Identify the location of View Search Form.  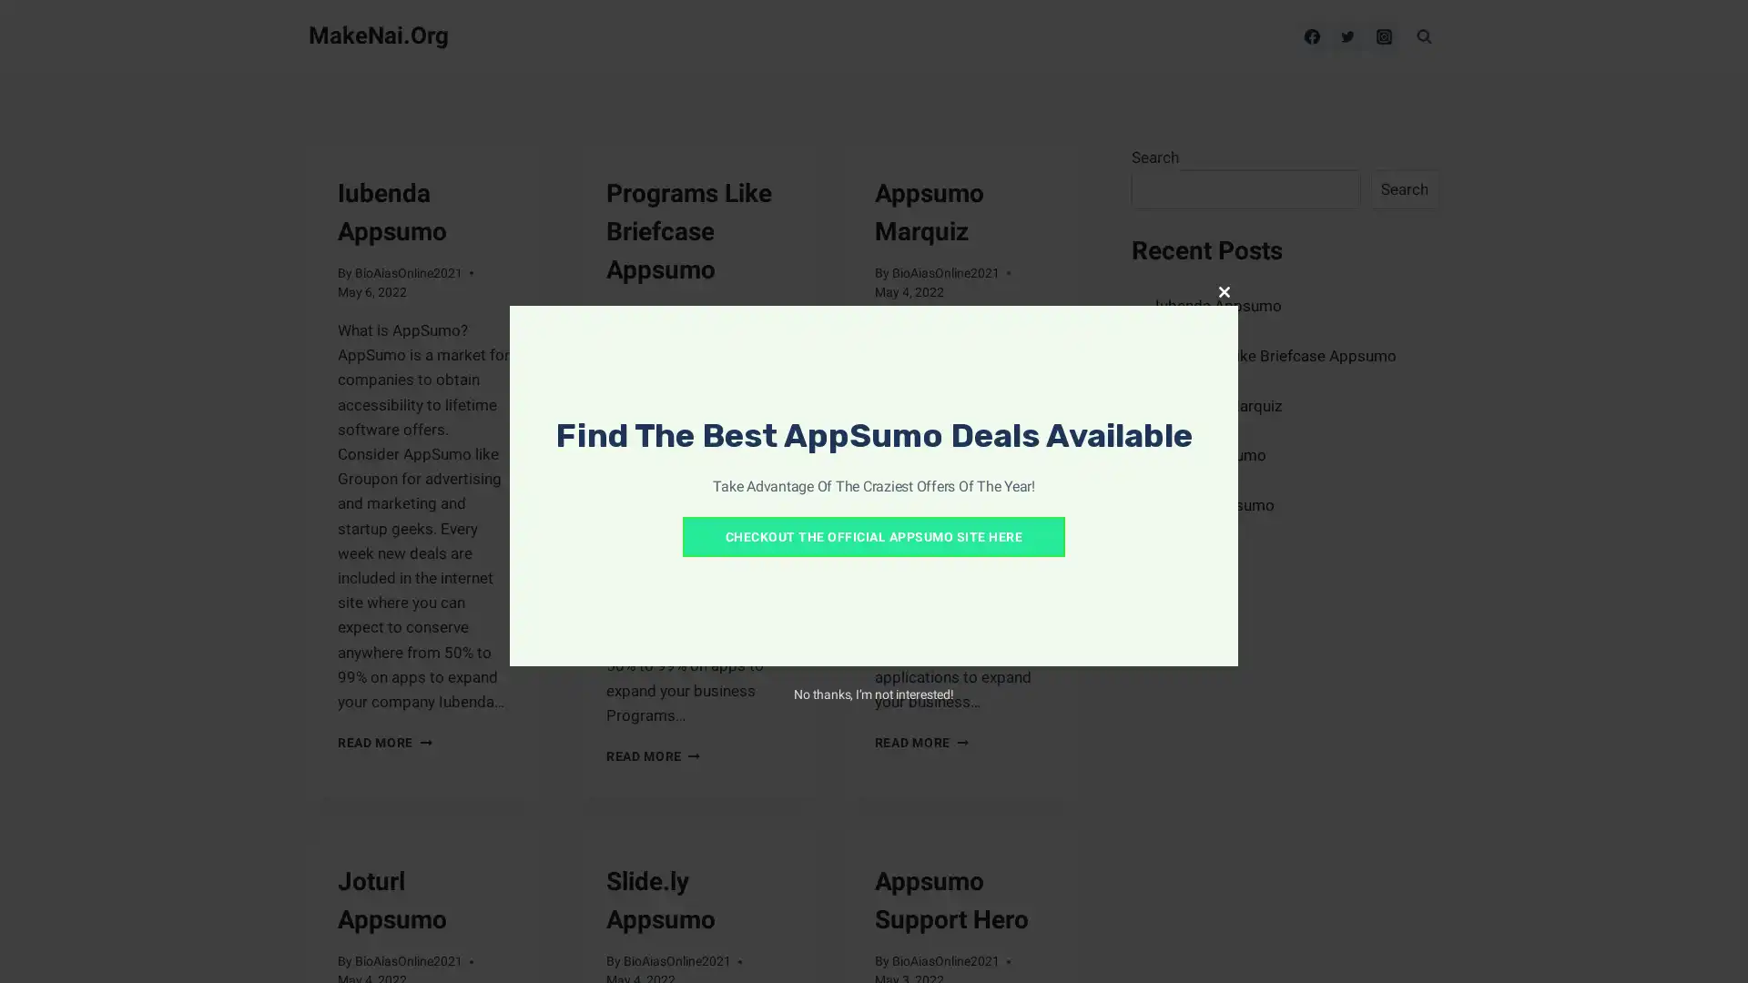
(1423, 35).